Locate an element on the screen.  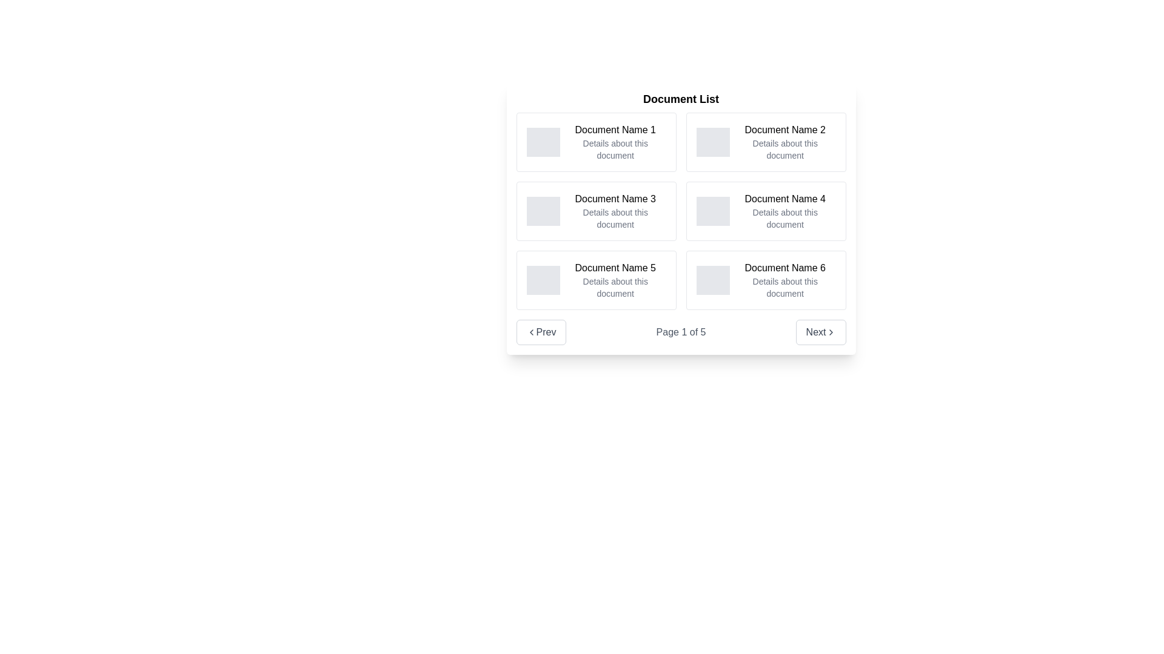
text from the Text block displaying the title 'Document Name 6' and description 'Details about this document' located within the sixth card of the 'Document List' is located at coordinates (785, 280).